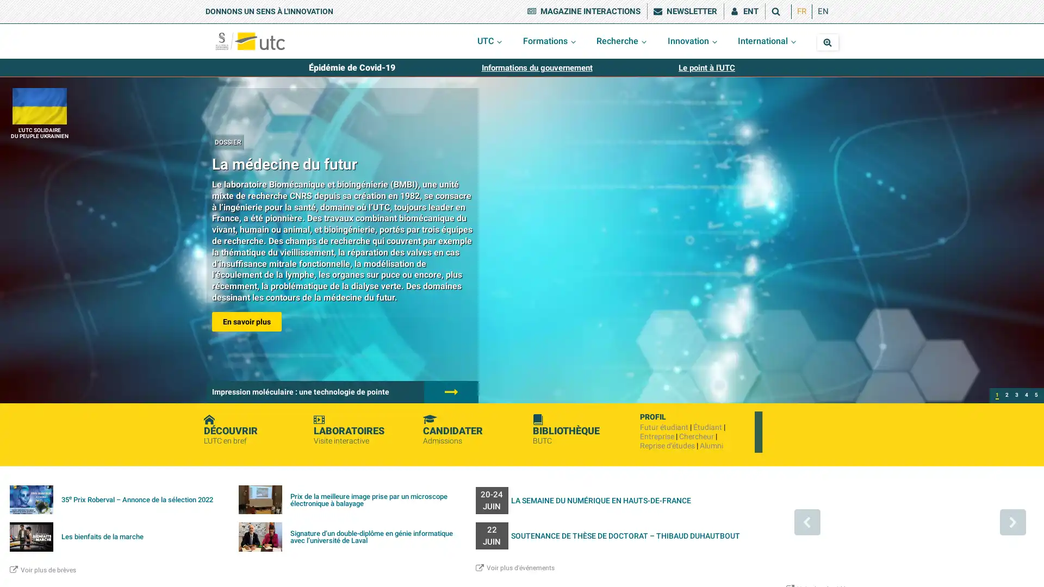 The height and width of the screenshot is (587, 1044). Describe the element at coordinates (1016, 396) in the screenshot. I see `CFA de lUTC, un avenir se dessine` at that location.